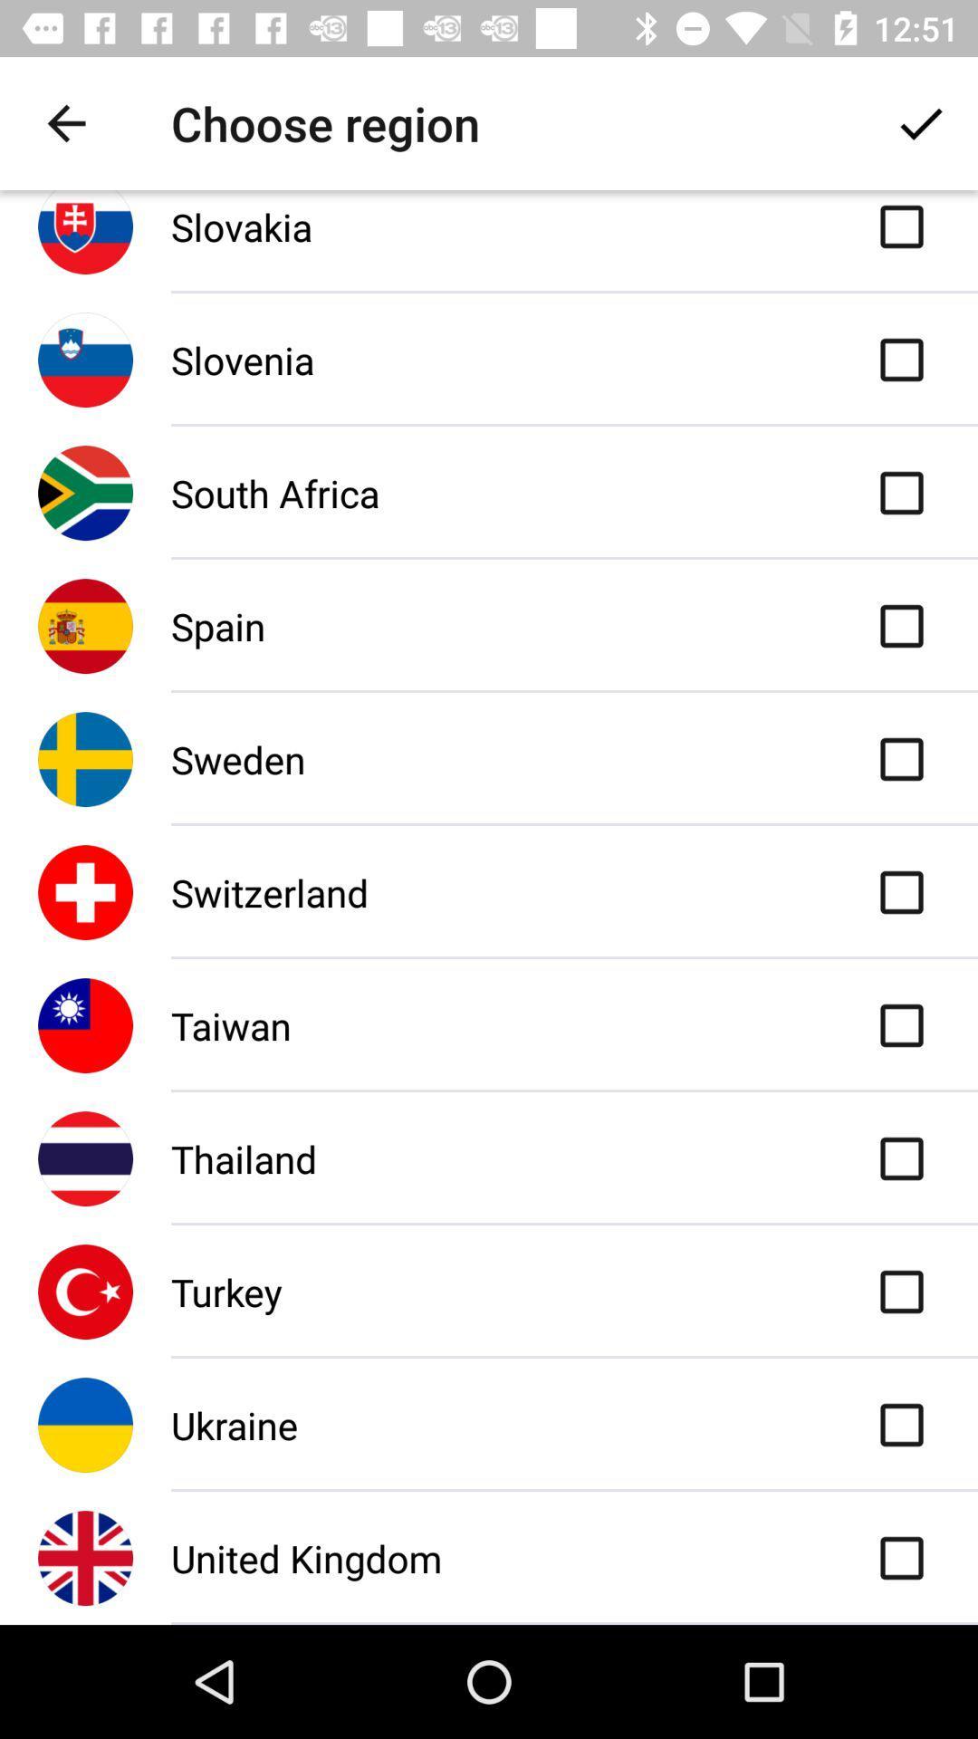  Describe the element at coordinates (65, 122) in the screenshot. I see `the item next to the choose region icon` at that location.